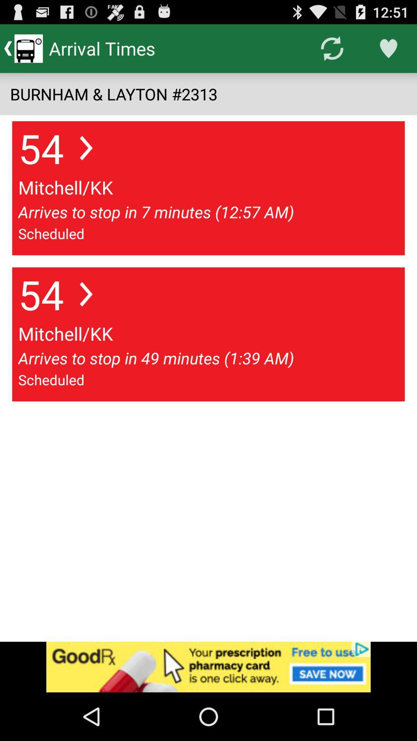 The width and height of the screenshot is (417, 741). I want to click on advertisement link to different site, so click(208, 667).